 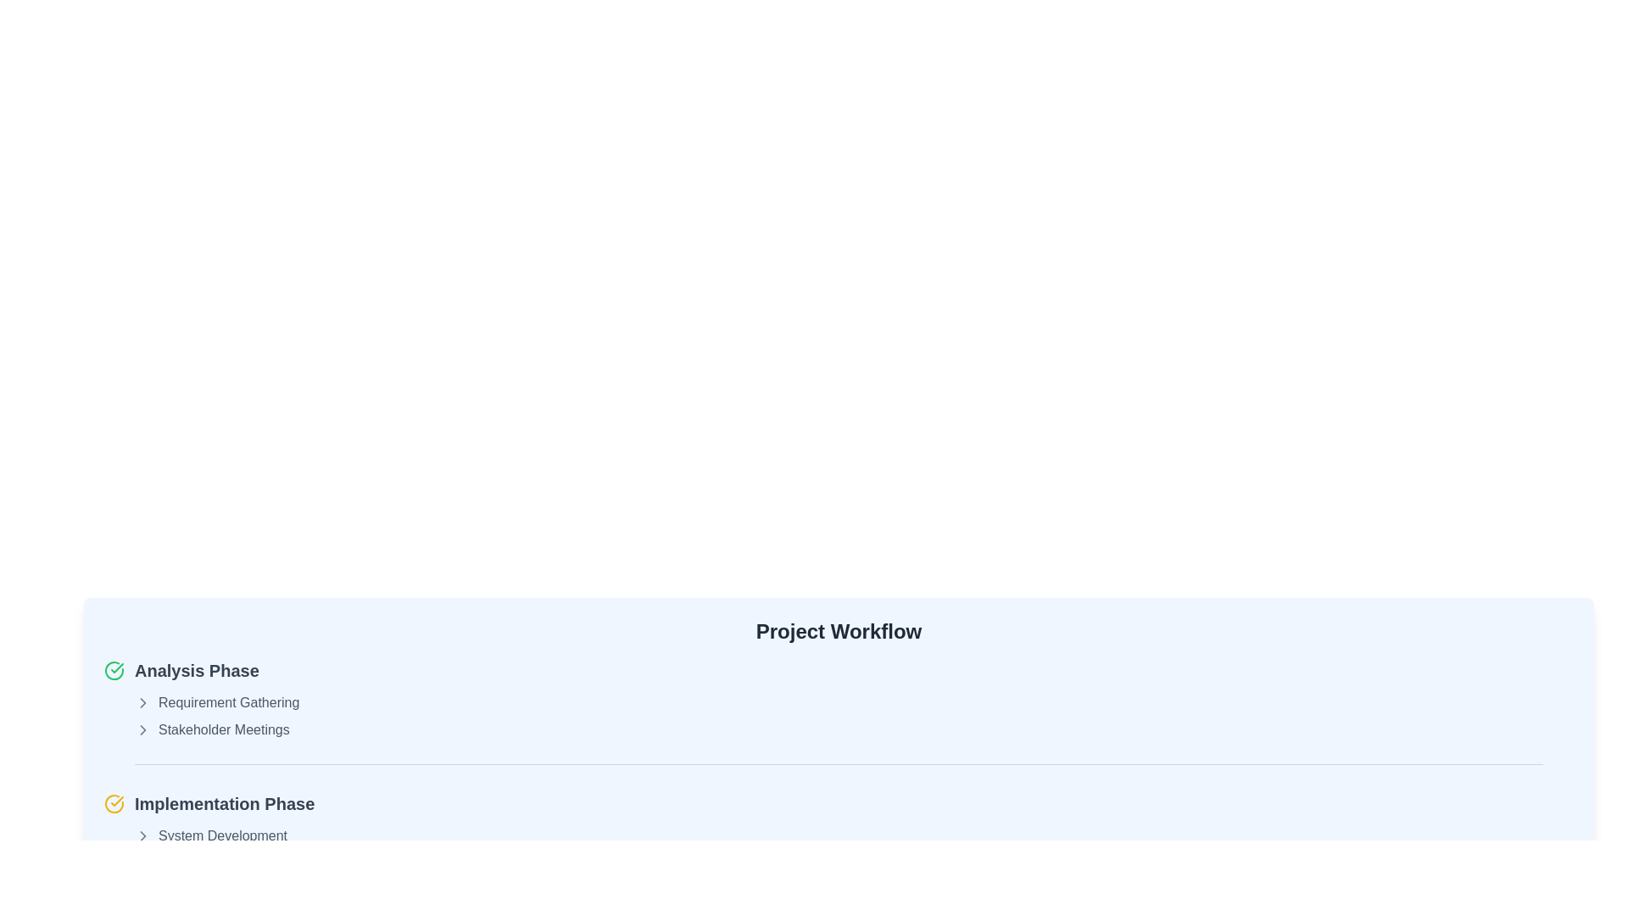 I want to click on the Chevron-Right icon located to the left of the 'Requirement Gathering' text label under the 'Analysis Phase' section, so click(x=142, y=703).